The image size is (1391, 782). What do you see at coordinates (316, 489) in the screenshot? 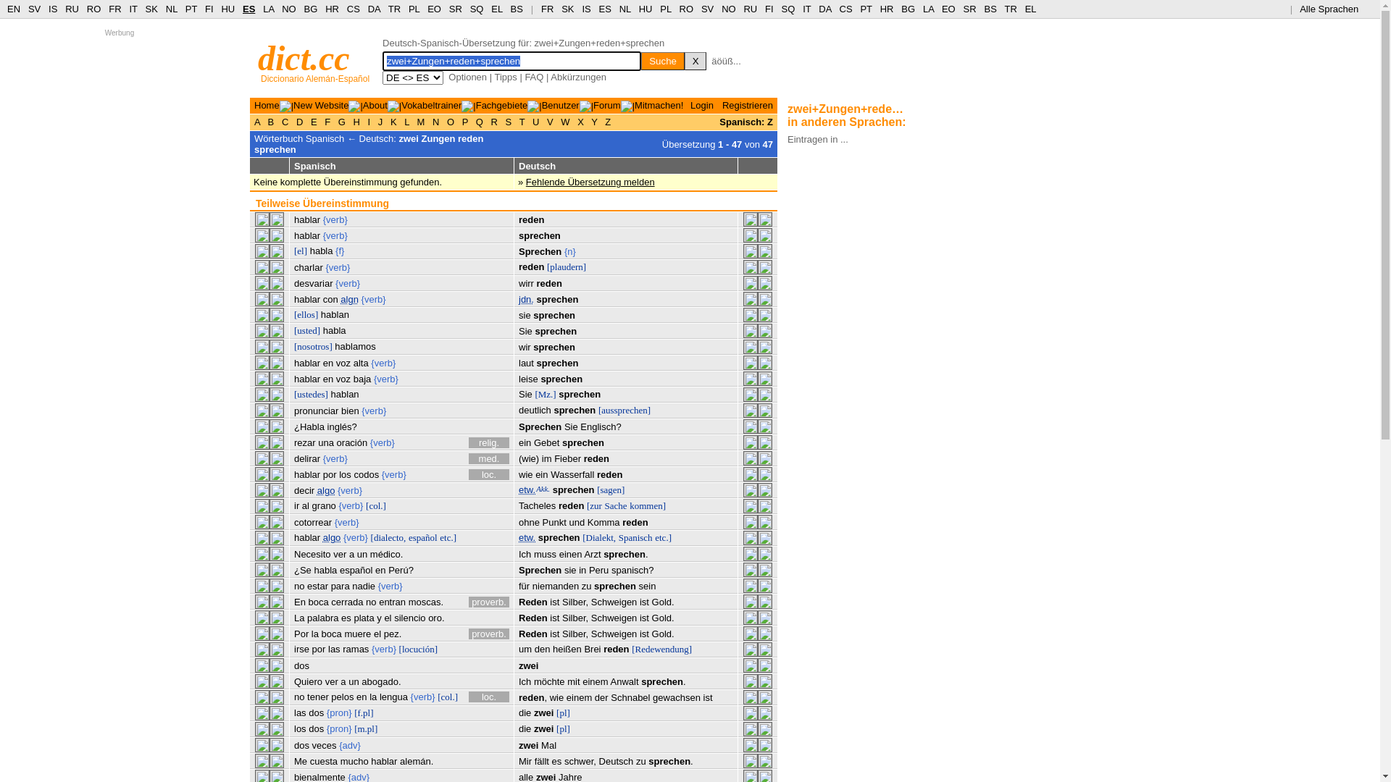
I see `'algo'` at bounding box center [316, 489].